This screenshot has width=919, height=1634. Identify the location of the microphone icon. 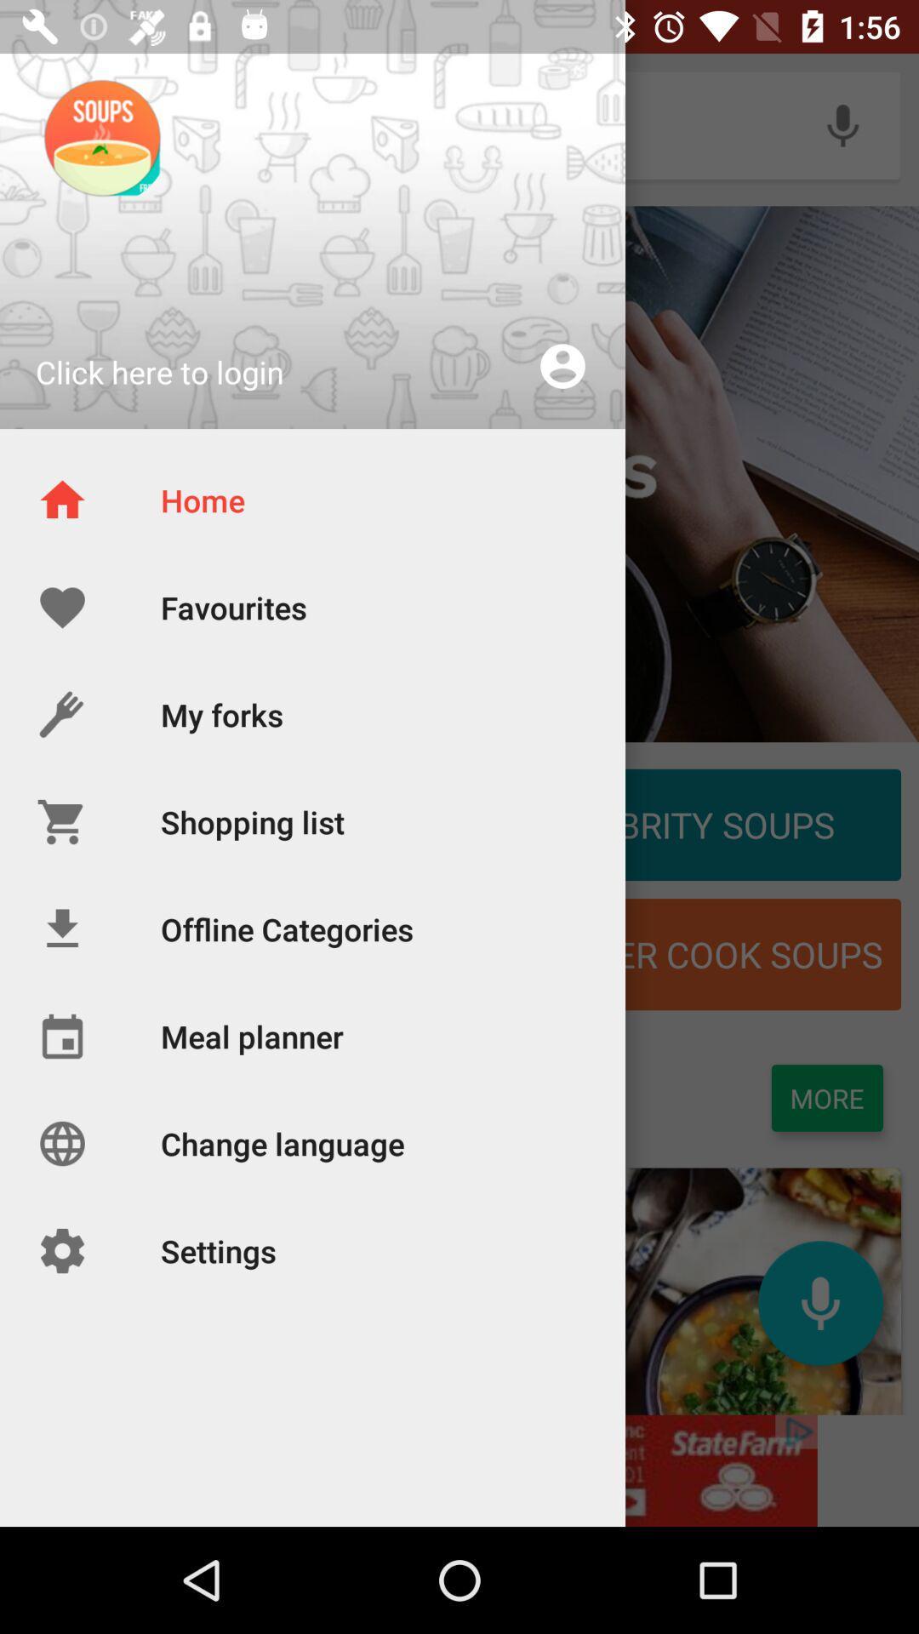
(819, 1302).